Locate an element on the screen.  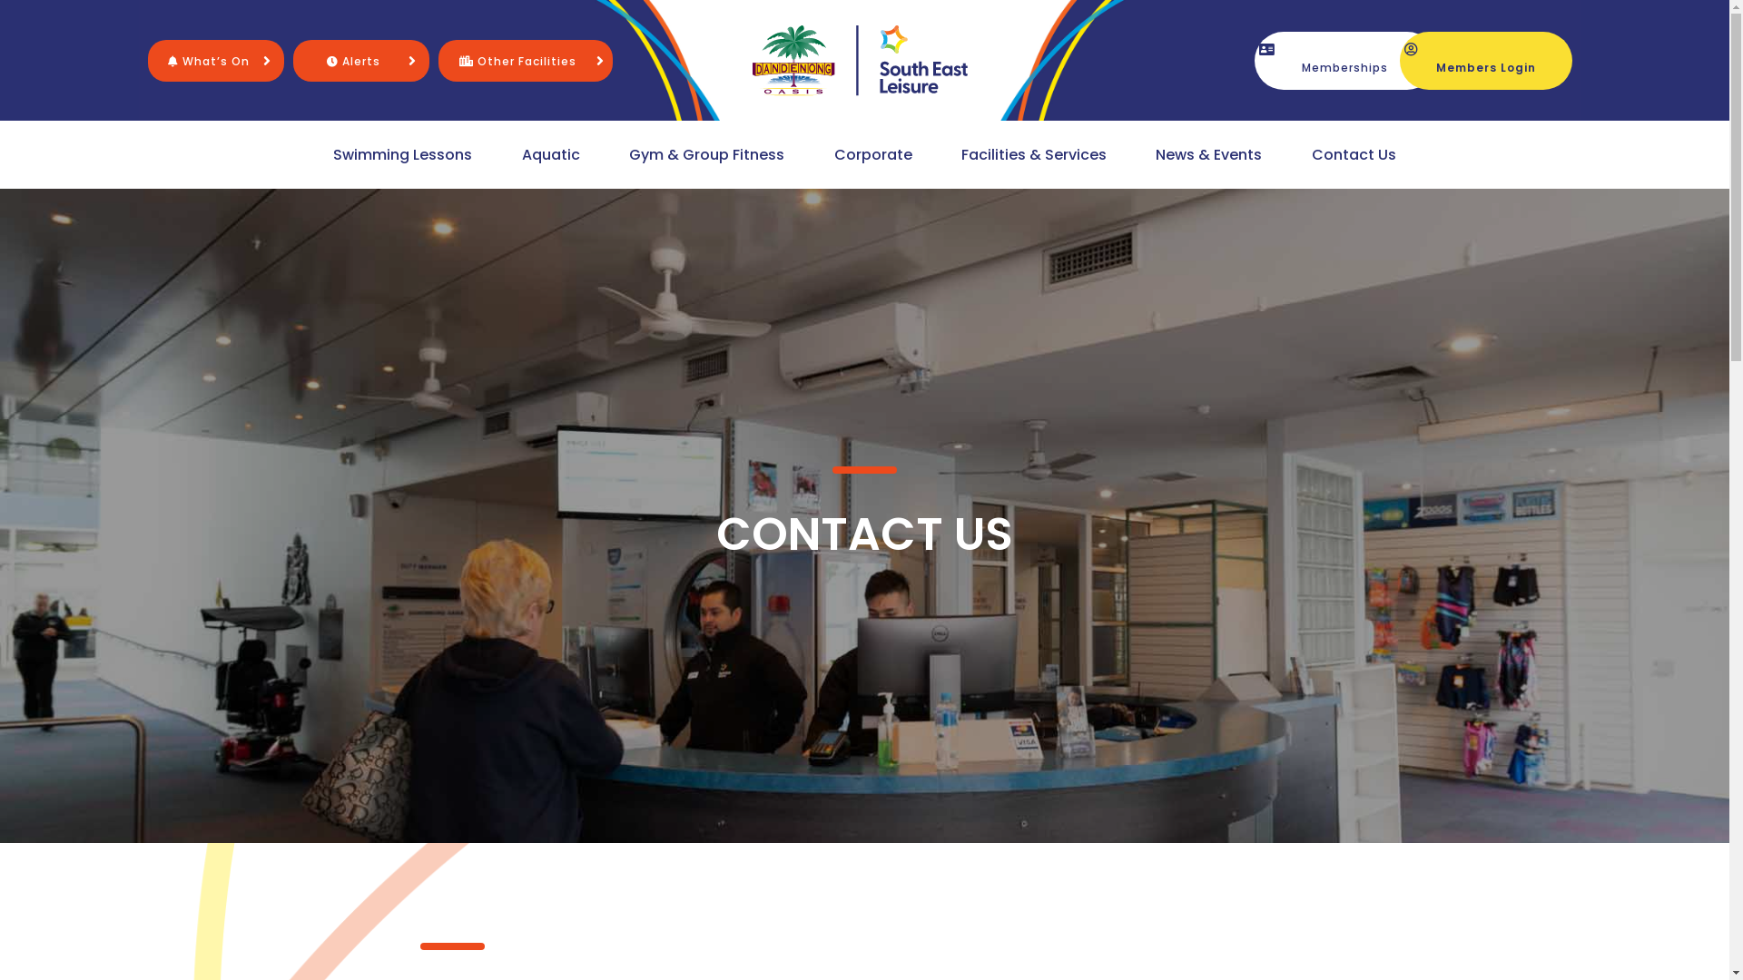
'Gym & Group Fitness' is located at coordinates (624, 153).